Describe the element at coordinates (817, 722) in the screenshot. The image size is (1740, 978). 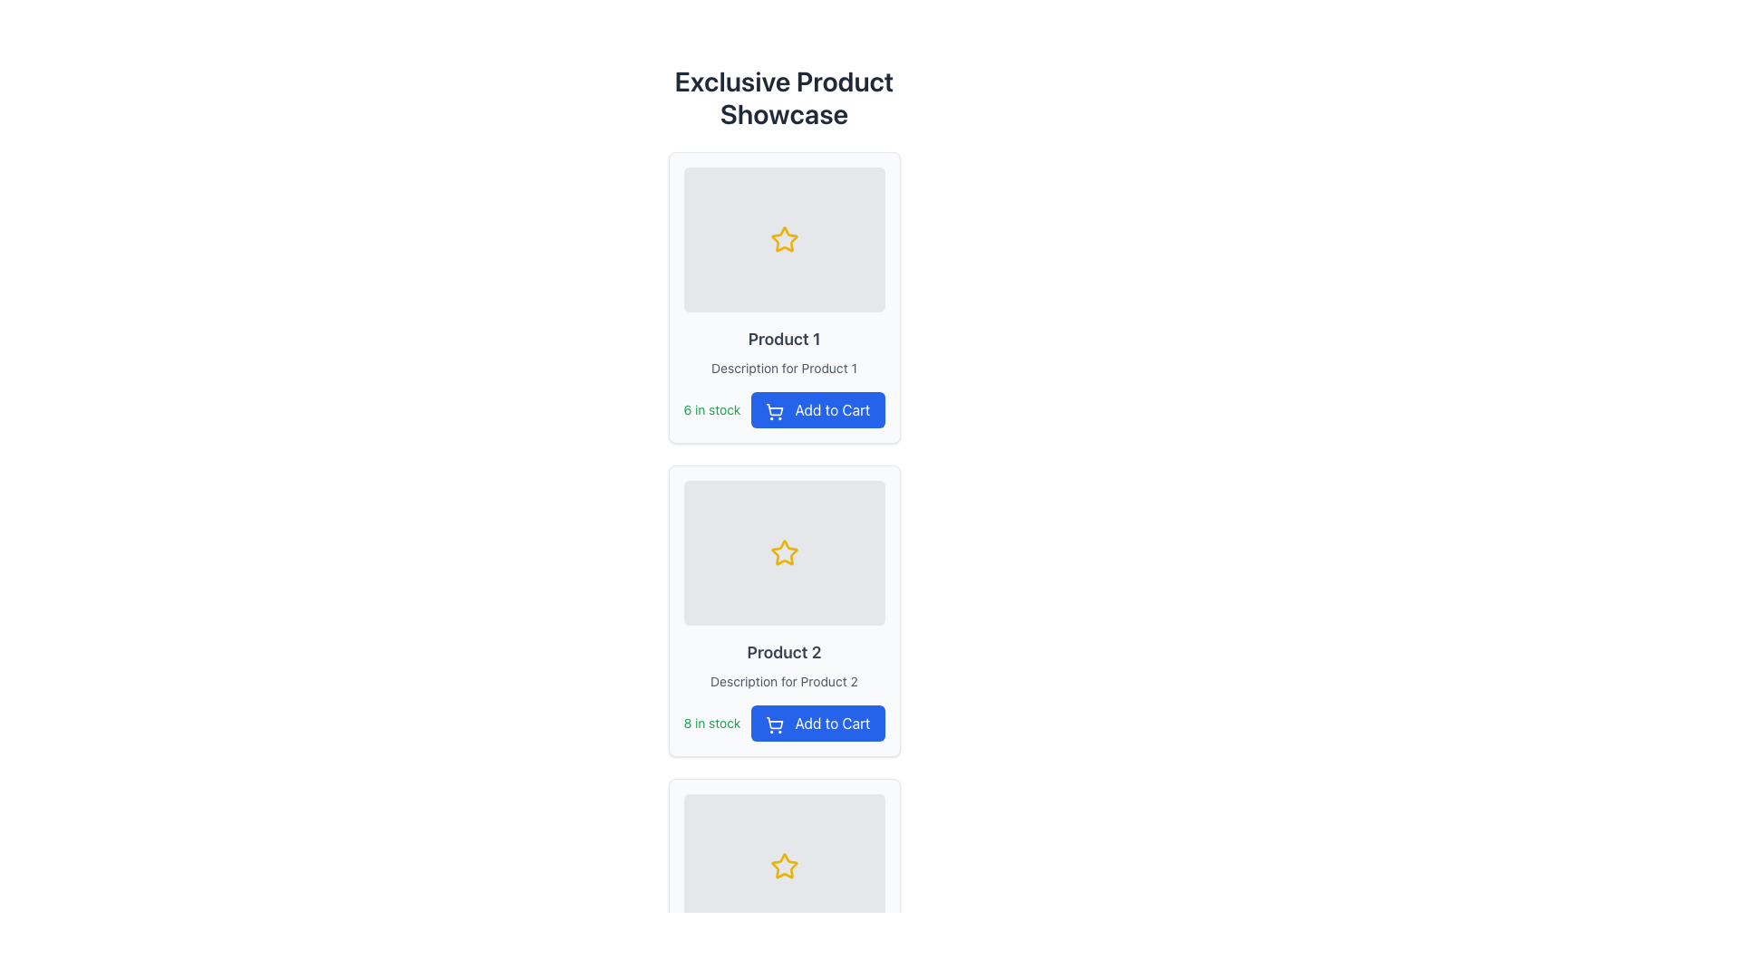
I see `the 'Add to Cart' button located at the bottom-right corner of the 'Product 2' card` at that location.